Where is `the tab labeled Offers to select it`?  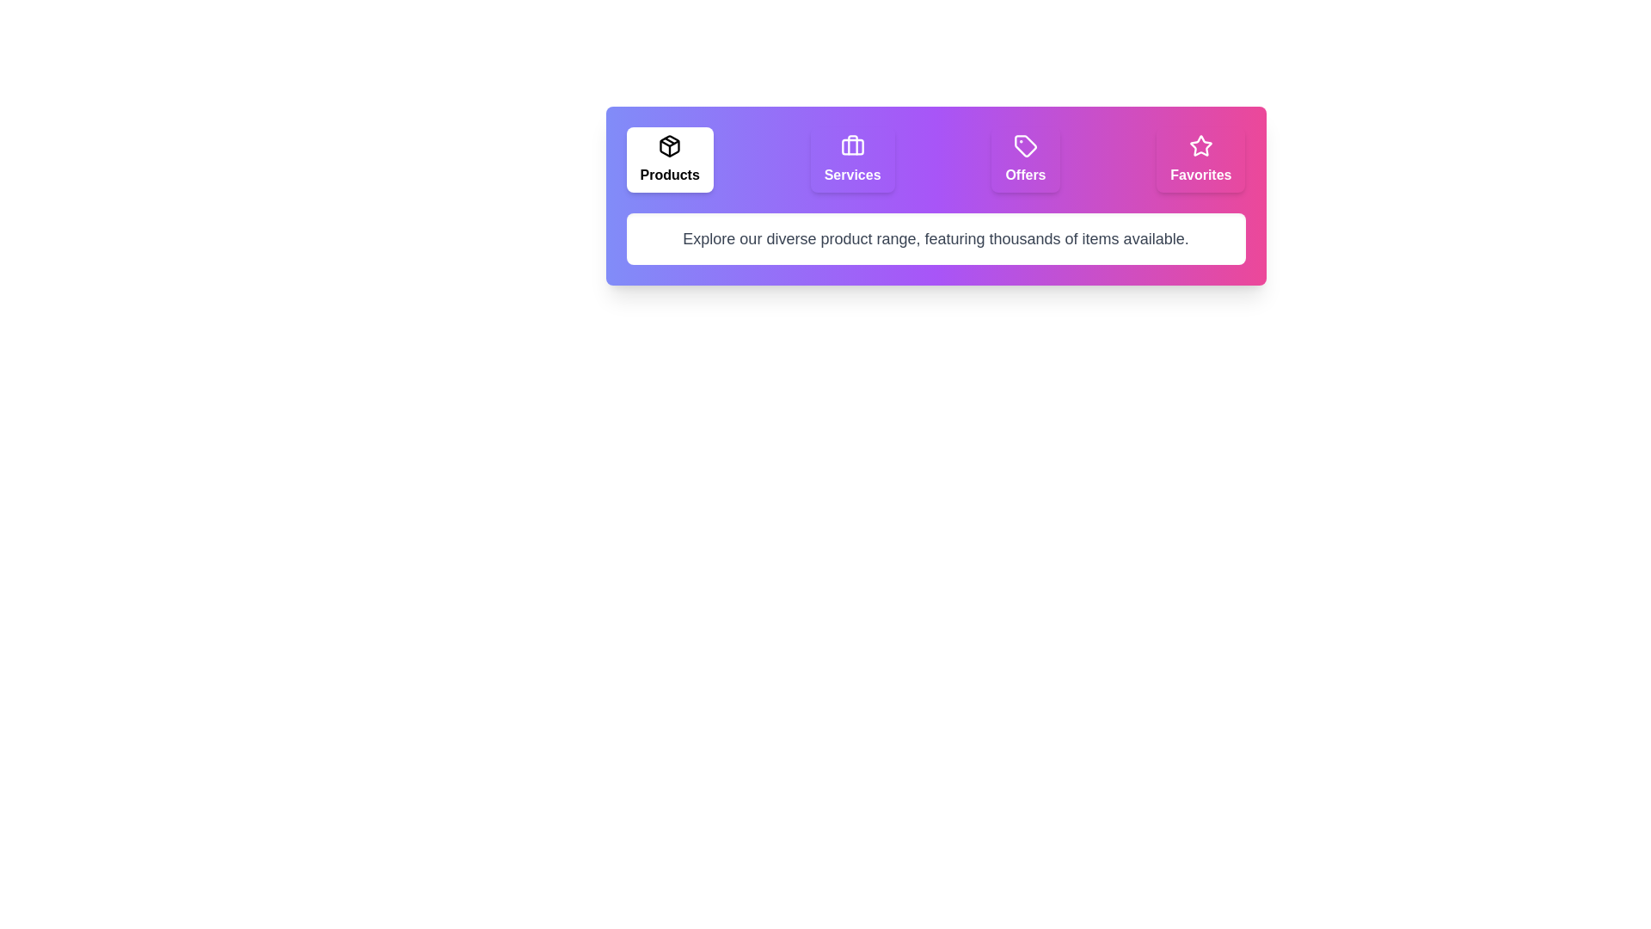
the tab labeled Offers to select it is located at coordinates (1024, 159).